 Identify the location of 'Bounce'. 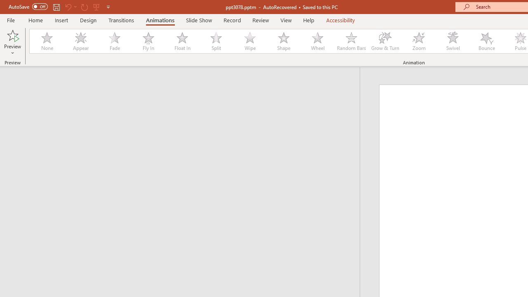
(487, 41).